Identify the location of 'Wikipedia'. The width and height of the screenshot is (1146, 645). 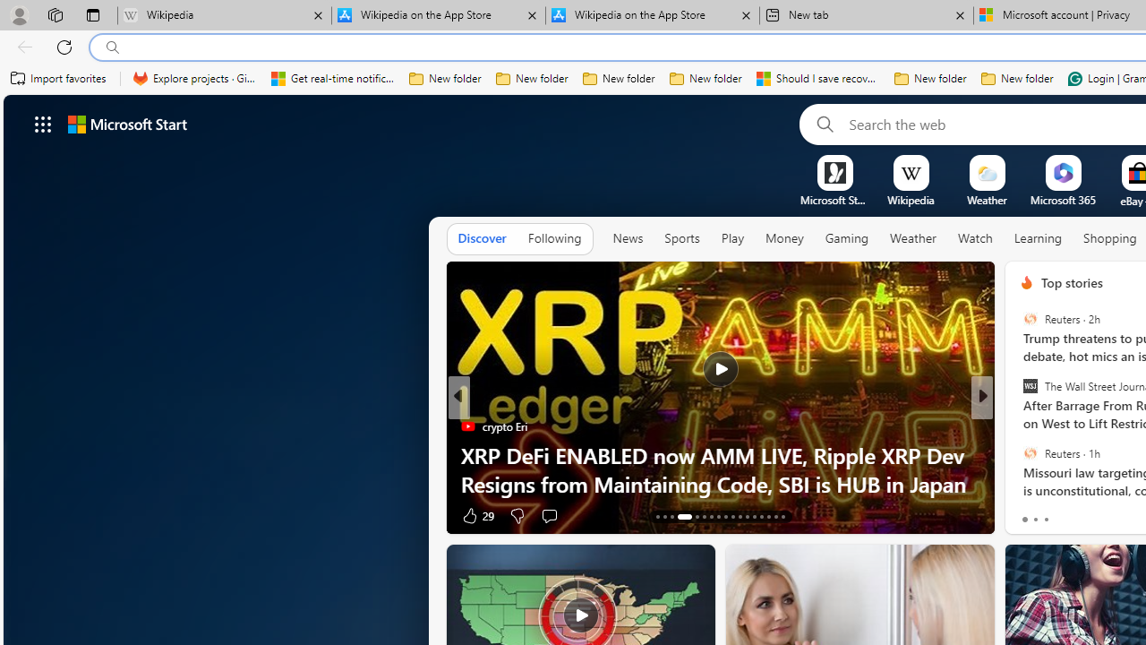
(911, 200).